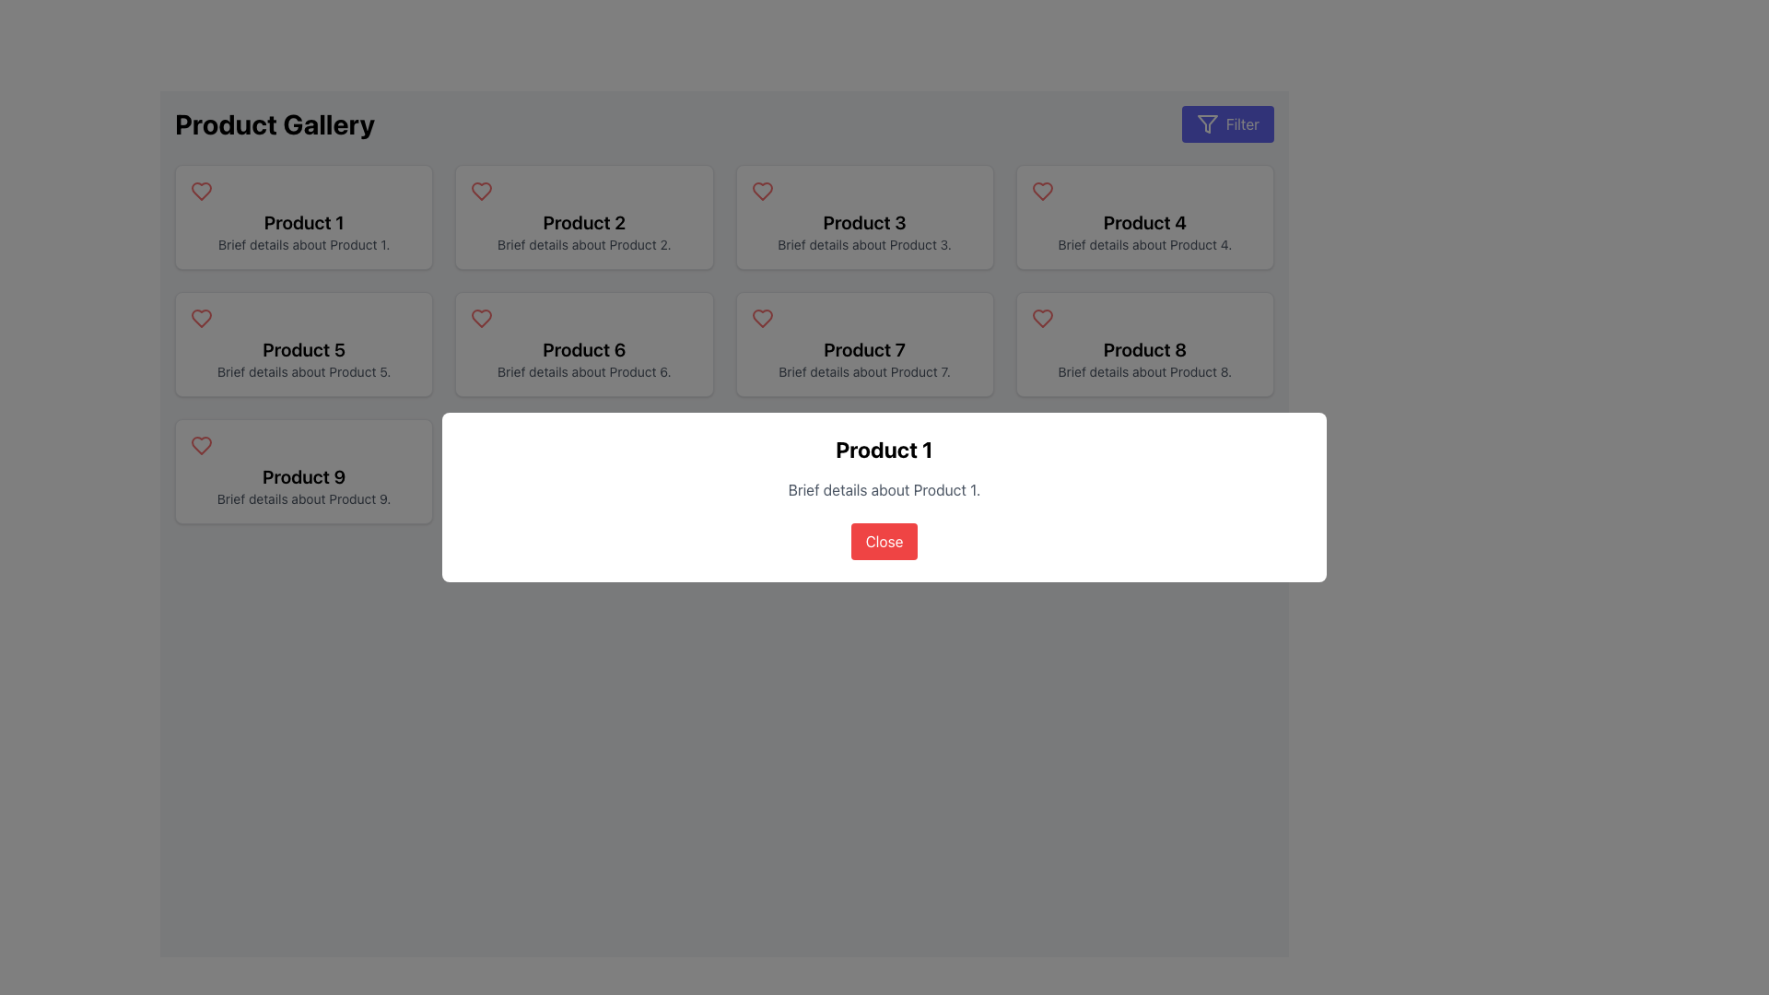 The image size is (1769, 995). I want to click on the heart-shaped icon with outlined geometry and a red hue located in the card for 'Product 8' to interact with it, so click(1042, 318).